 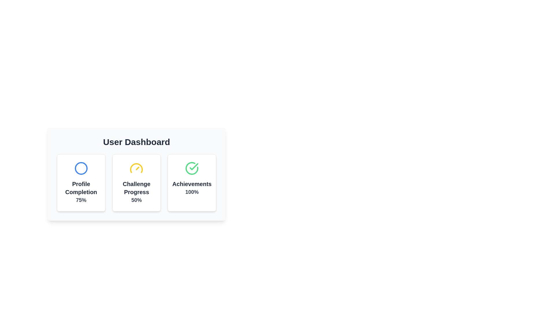 What do you see at coordinates (192, 184) in the screenshot?
I see `the 'Achievements' text label, which is a large, bold dark gray label located in the center-bottom area of the third card layout, situated above a smaller label reading '100%'` at bounding box center [192, 184].